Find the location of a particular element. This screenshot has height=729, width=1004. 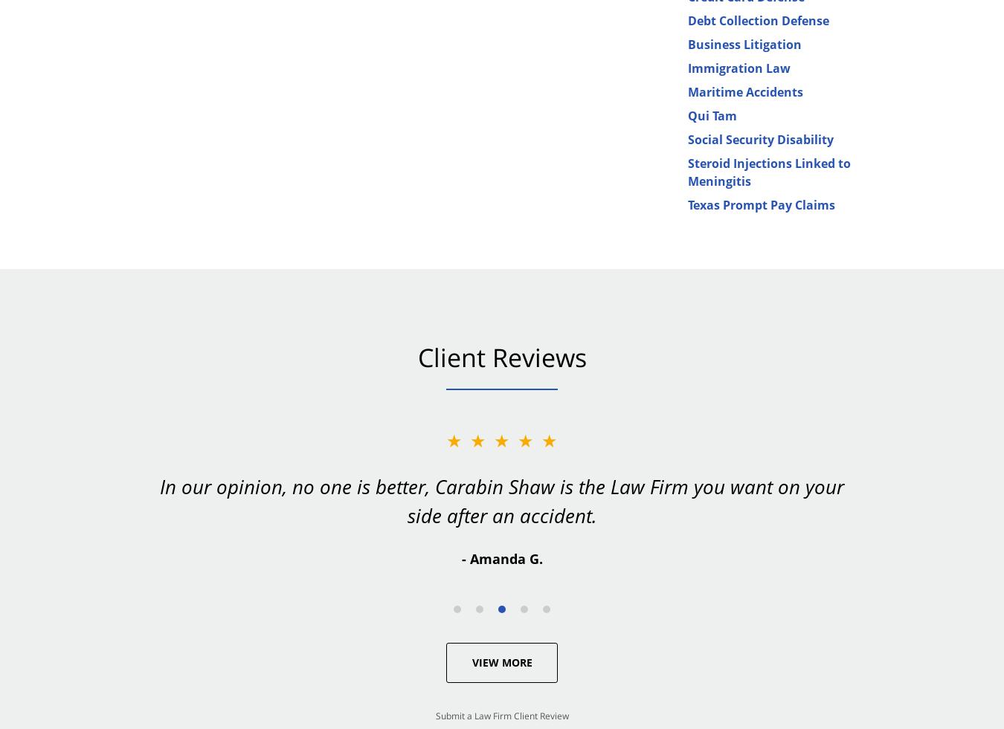

'In our opinion, no one is better, Carabin Shaw is the Law Firm you want on your side after an accident.' is located at coordinates (160, 501).